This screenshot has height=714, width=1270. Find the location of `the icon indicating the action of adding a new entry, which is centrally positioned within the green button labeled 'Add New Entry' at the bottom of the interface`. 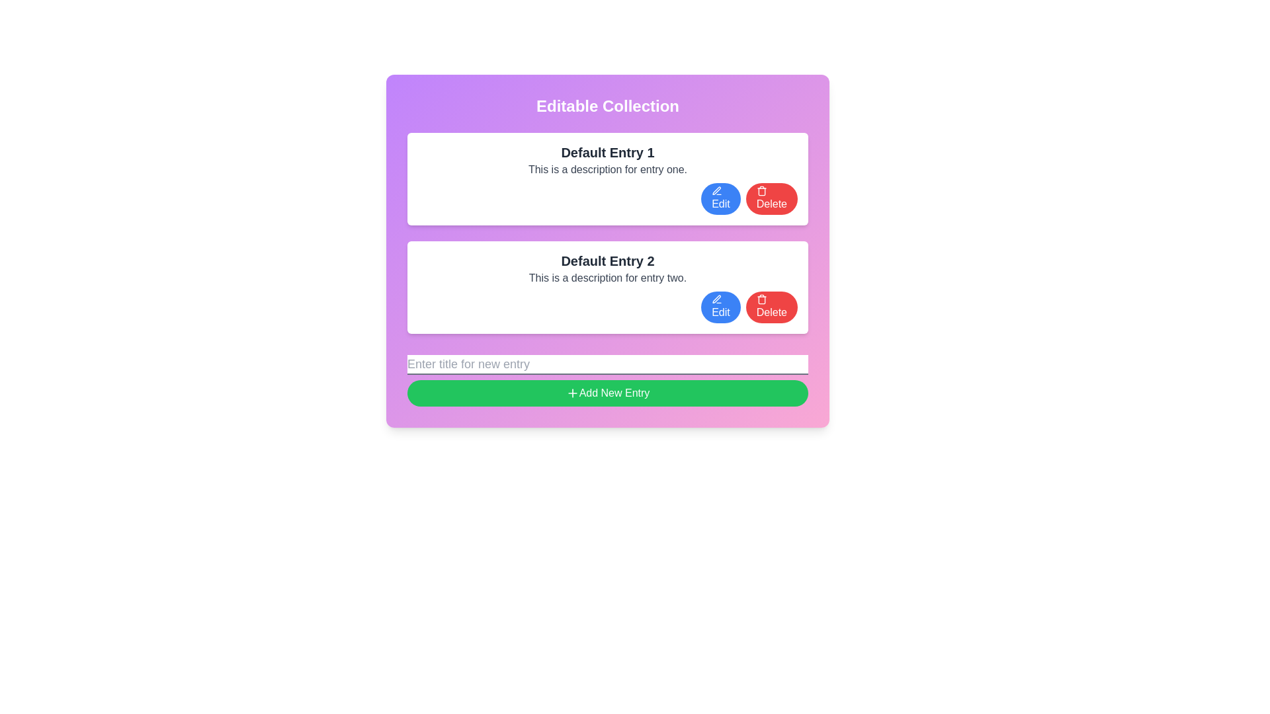

the icon indicating the action of adding a new entry, which is centrally positioned within the green button labeled 'Add New Entry' at the bottom of the interface is located at coordinates (572, 392).